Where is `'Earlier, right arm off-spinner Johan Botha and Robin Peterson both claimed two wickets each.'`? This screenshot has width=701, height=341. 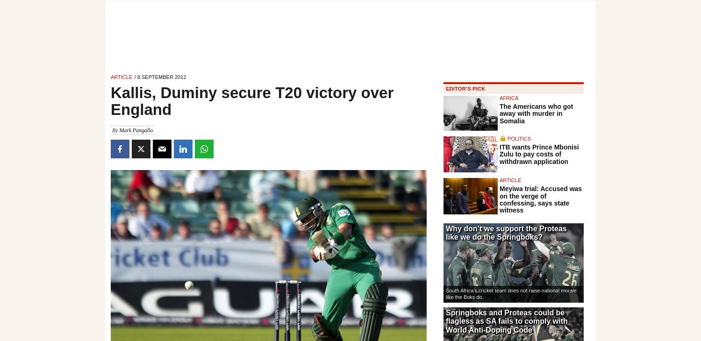 'Earlier, right arm off-spinner Johan Botha and Robin Peterson both claimed two wickets each.' is located at coordinates (262, 120).